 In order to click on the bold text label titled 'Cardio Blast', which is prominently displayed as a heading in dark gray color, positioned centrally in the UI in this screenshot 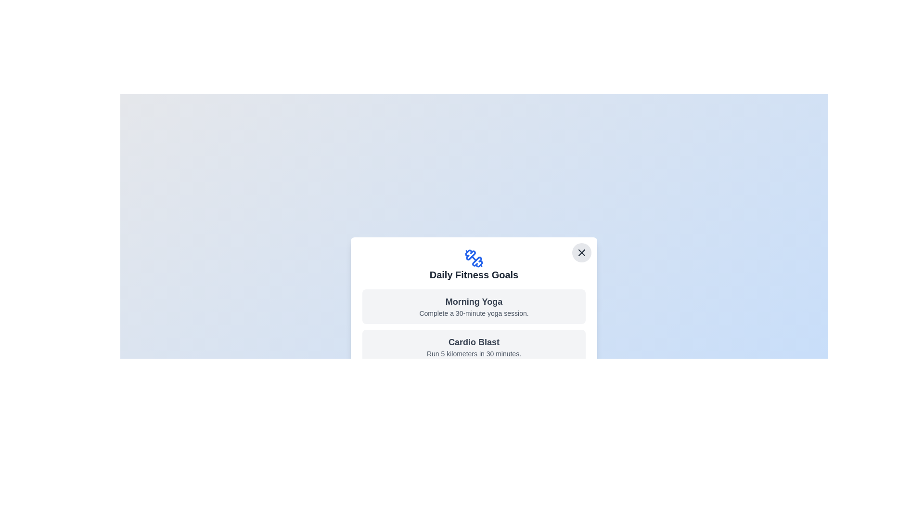, I will do `click(474, 341)`.